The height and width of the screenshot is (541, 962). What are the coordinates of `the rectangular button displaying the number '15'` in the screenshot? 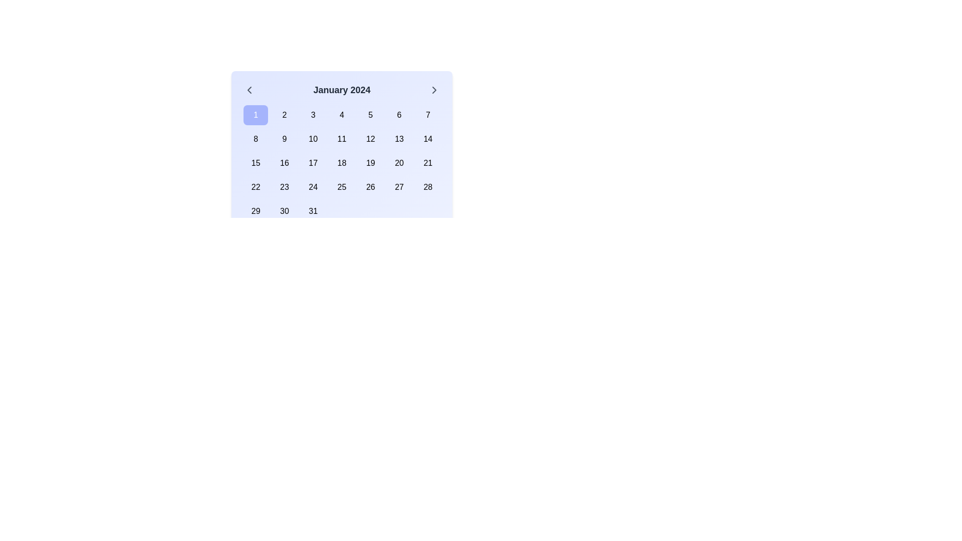 It's located at (256, 163).